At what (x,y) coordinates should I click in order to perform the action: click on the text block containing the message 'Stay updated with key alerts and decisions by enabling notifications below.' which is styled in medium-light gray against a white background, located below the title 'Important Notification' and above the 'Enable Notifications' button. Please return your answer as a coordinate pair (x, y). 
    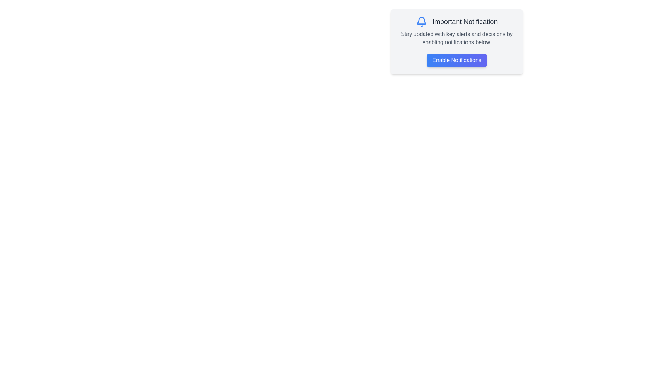
    Looking at the image, I should click on (457, 38).